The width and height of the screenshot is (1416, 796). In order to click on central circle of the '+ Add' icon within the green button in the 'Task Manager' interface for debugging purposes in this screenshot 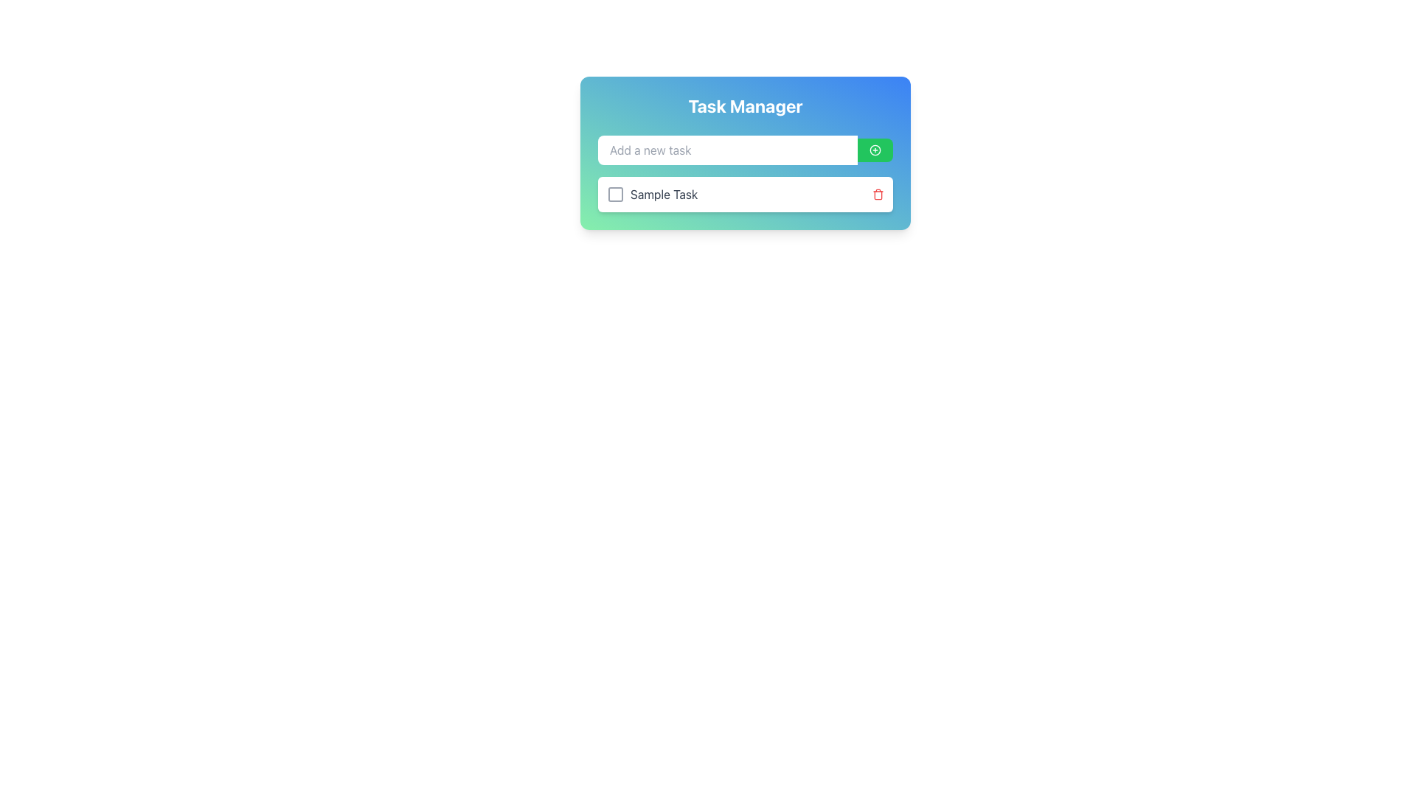, I will do `click(875, 150)`.